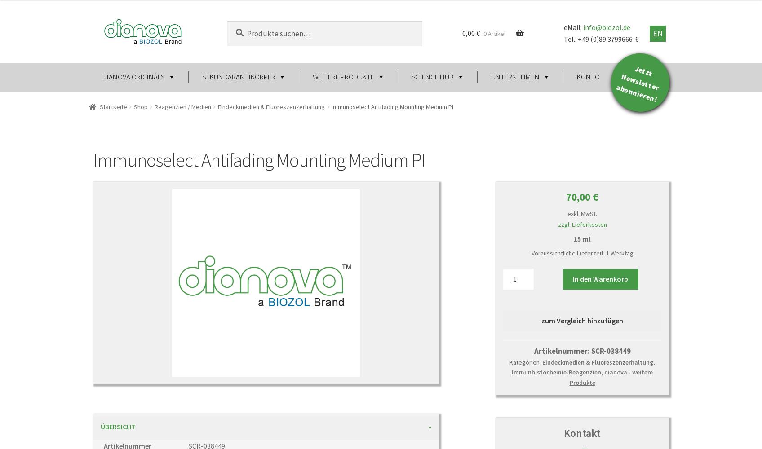  What do you see at coordinates (582, 252) in the screenshot?
I see `'Voraussichtliche Lieferzeit: 1 Werktag'` at bounding box center [582, 252].